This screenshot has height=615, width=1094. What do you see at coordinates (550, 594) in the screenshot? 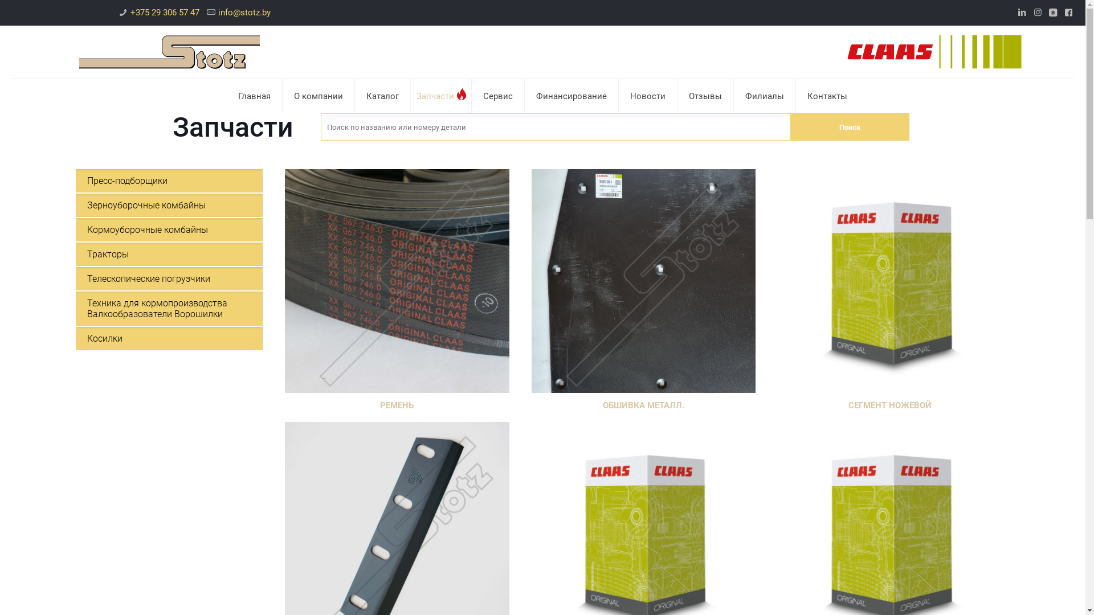
I see `'VKontakte'` at bounding box center [550, 594].